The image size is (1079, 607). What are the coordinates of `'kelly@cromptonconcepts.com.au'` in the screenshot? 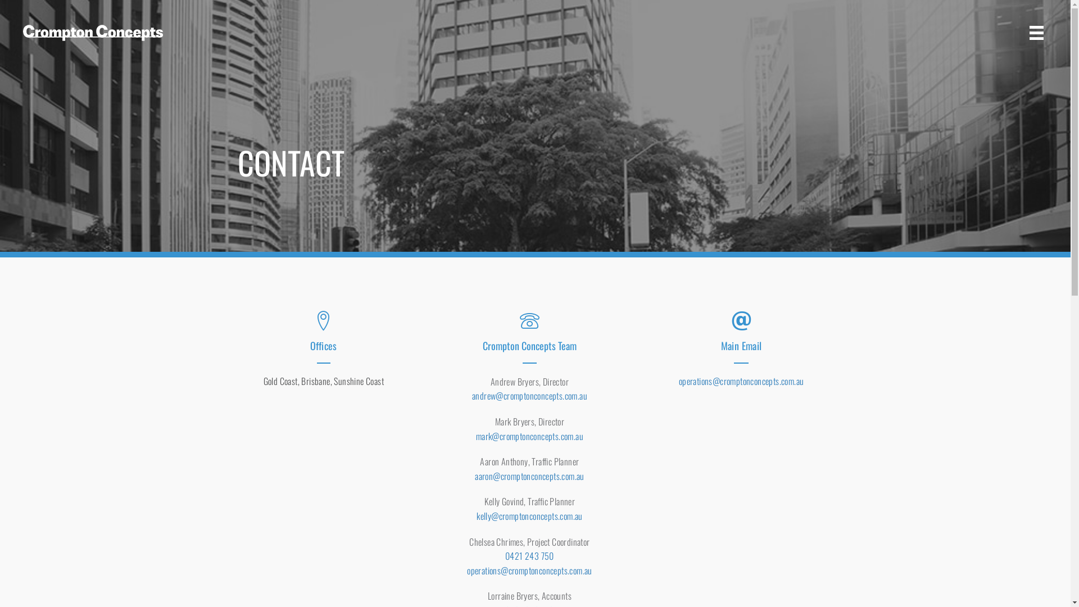 It's located at (529, 516).